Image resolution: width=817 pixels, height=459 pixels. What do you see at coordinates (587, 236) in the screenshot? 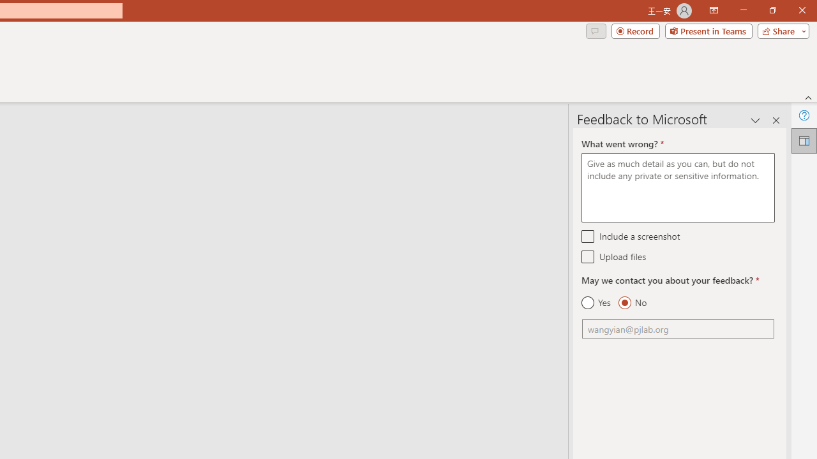
I see `'Include a screenshot'` at bounding box center [587, 236].